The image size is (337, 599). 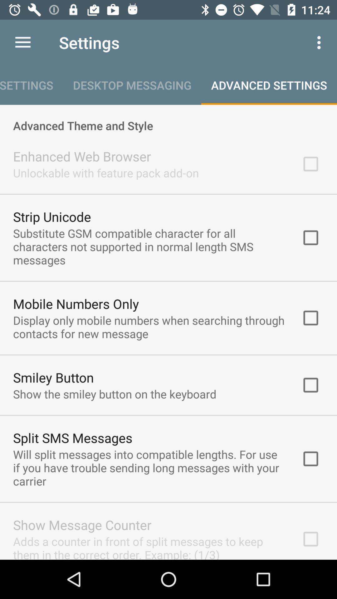 I want to click on the icon above substitute gsm compatible item, so click(x=51, y=217).